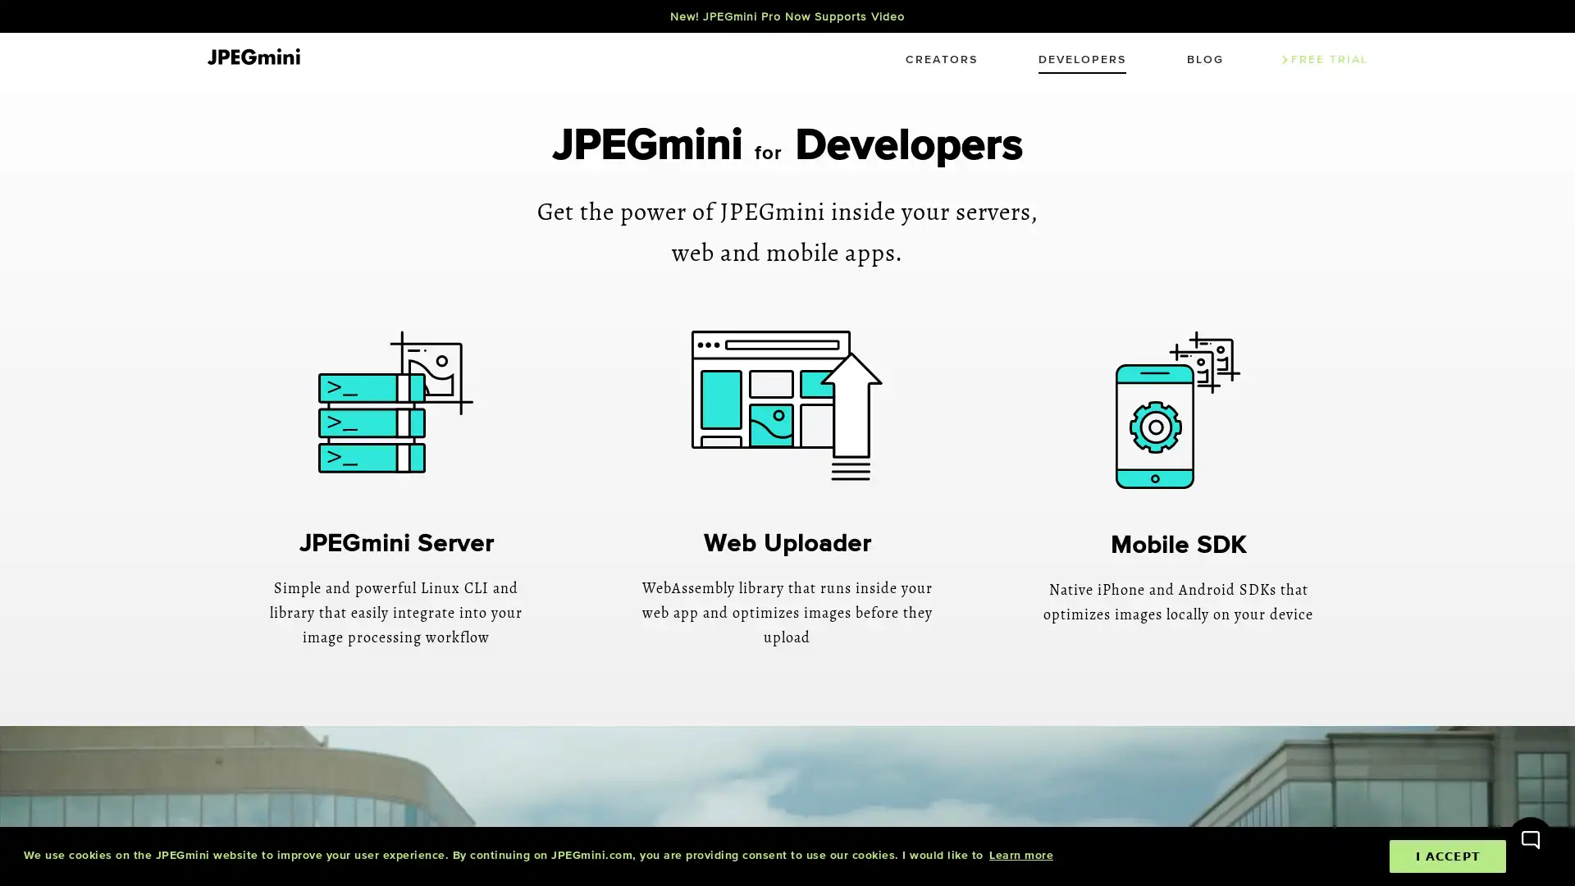  Describe the element at coordinates (1448, 856) in the screenshot. I see `dismiss cookie message` at that location.